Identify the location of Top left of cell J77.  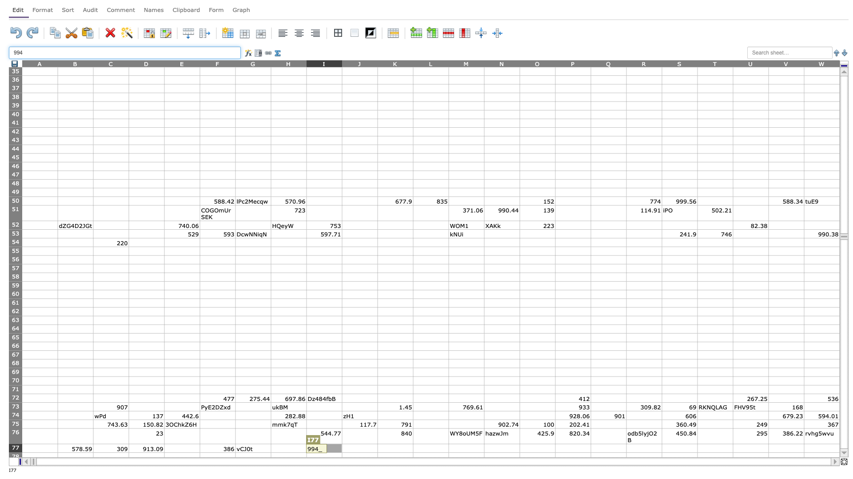
(341, 444).